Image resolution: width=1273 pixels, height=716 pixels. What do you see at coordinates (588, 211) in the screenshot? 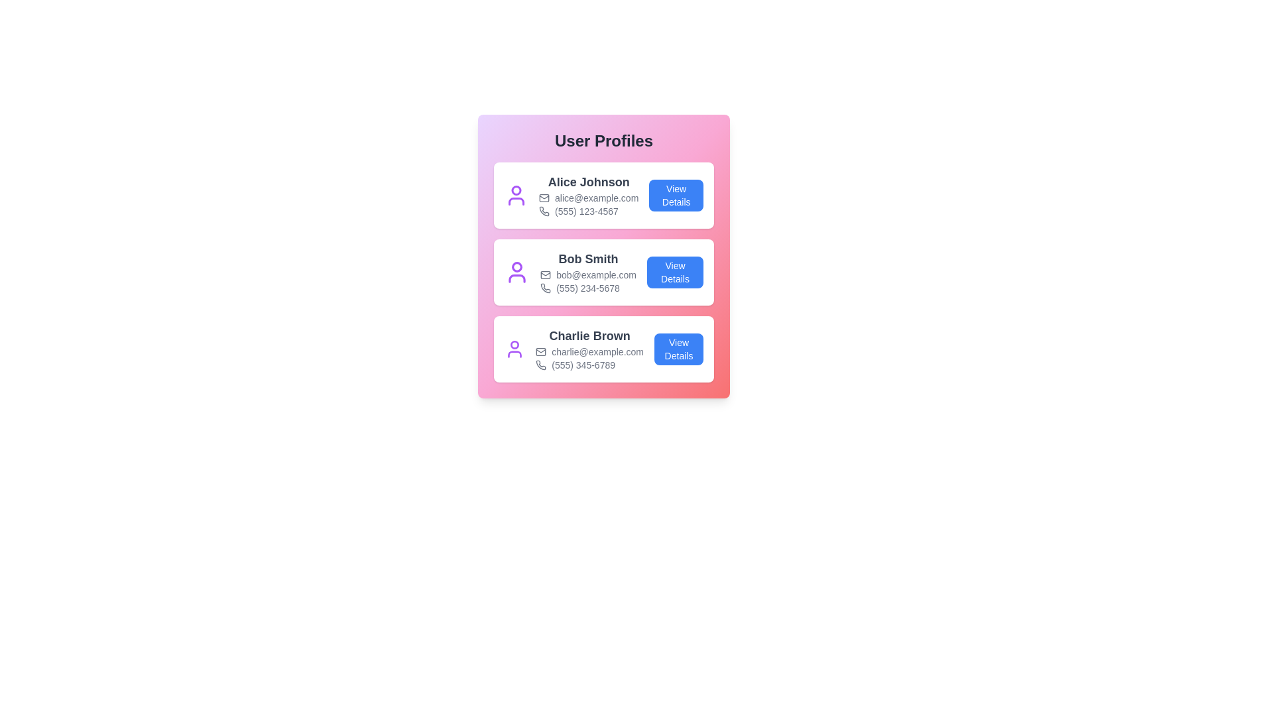
I see `the text content of phone for user Alice Johnson` at bounding box center [588, 211].